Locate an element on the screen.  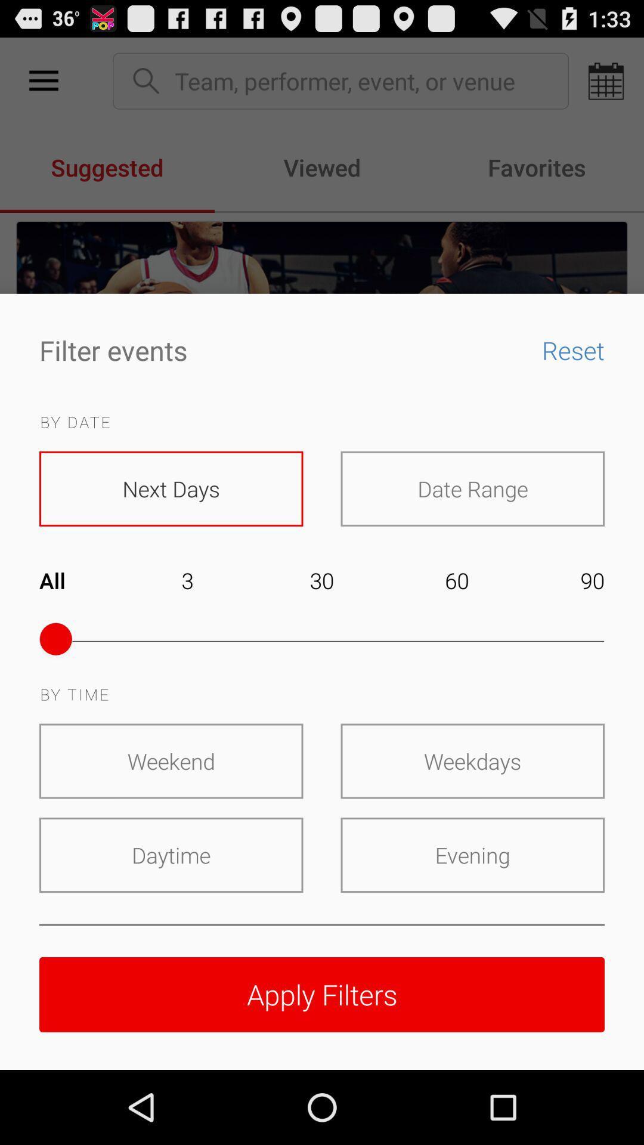
the item to the left of evening is located at coordinates (171, 855).